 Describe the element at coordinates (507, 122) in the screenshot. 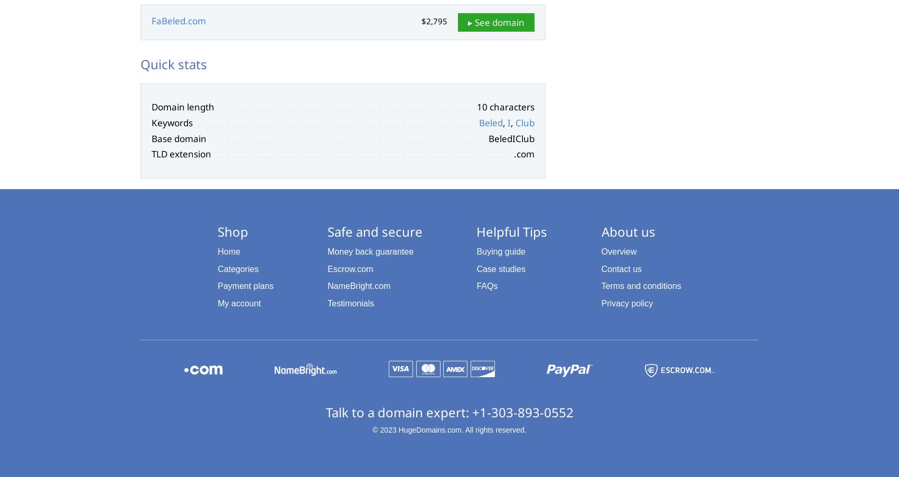

I see `'I'` at that location.